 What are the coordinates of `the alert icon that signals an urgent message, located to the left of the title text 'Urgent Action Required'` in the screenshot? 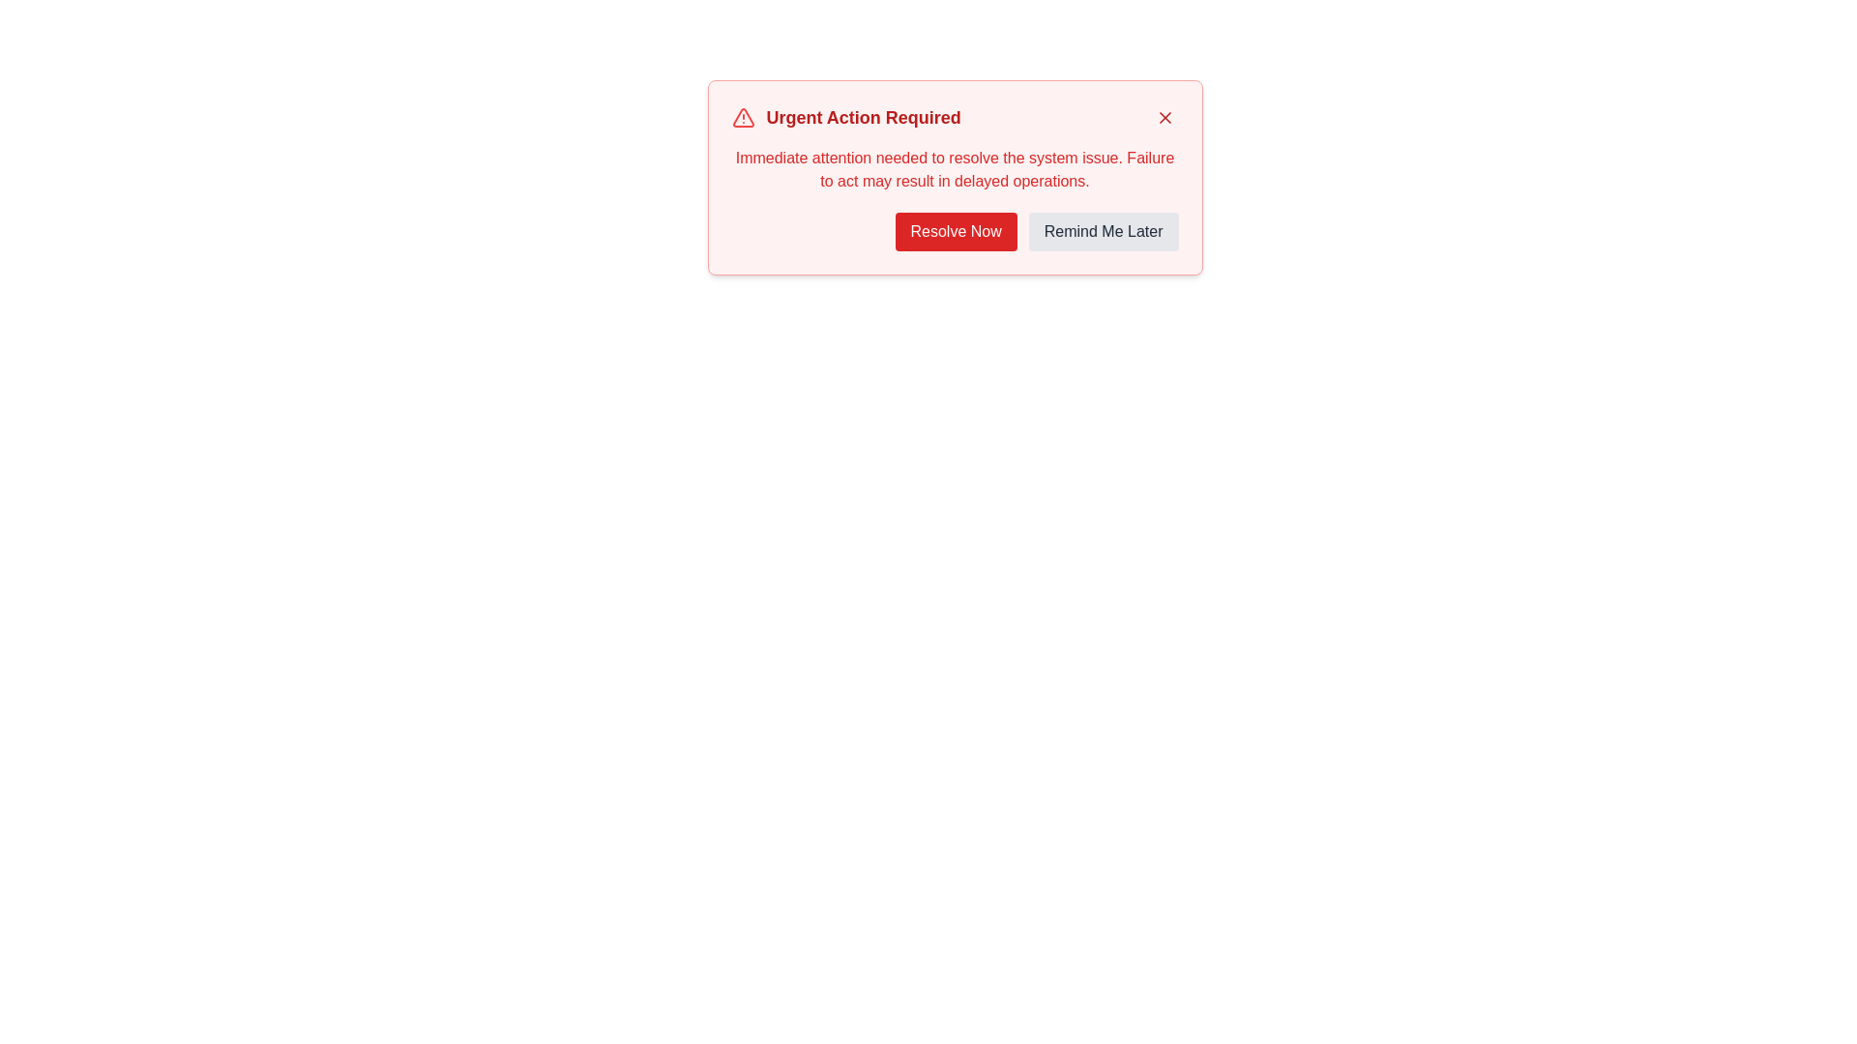 It's located at (742, 118).